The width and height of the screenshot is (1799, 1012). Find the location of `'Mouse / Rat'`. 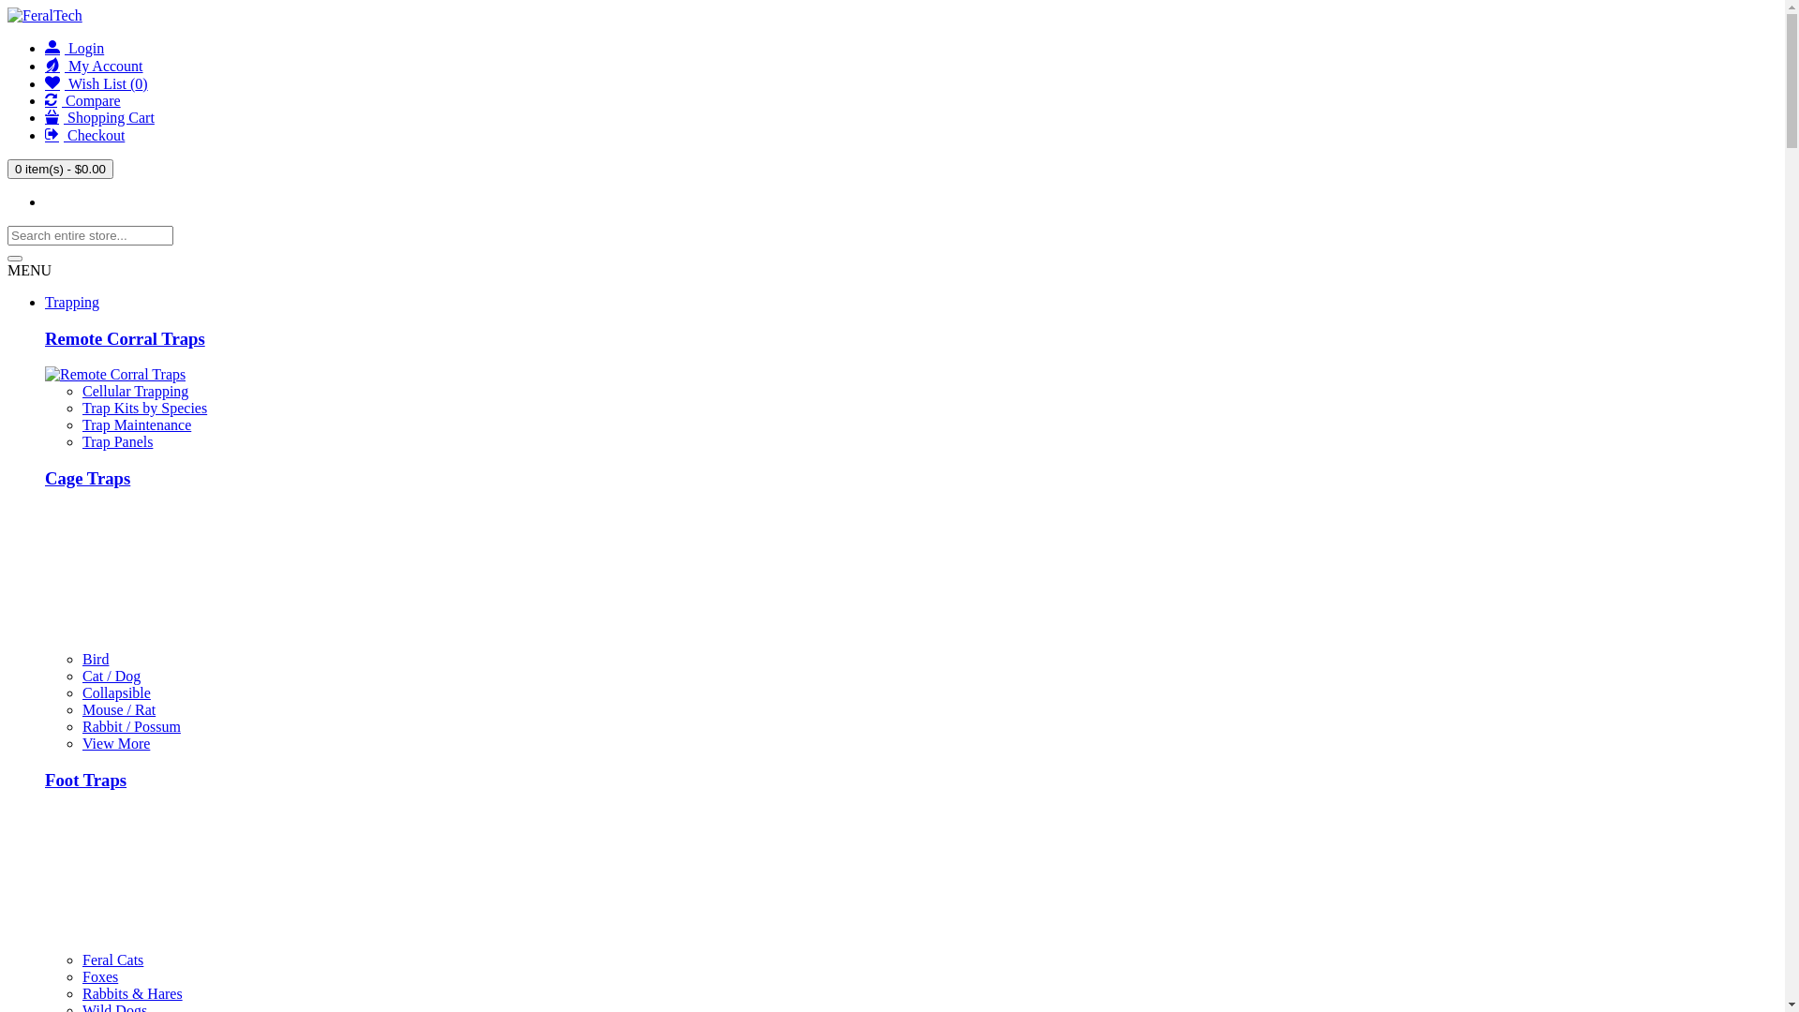

'Mouse / Rat' is located at coordinates (117, 709).